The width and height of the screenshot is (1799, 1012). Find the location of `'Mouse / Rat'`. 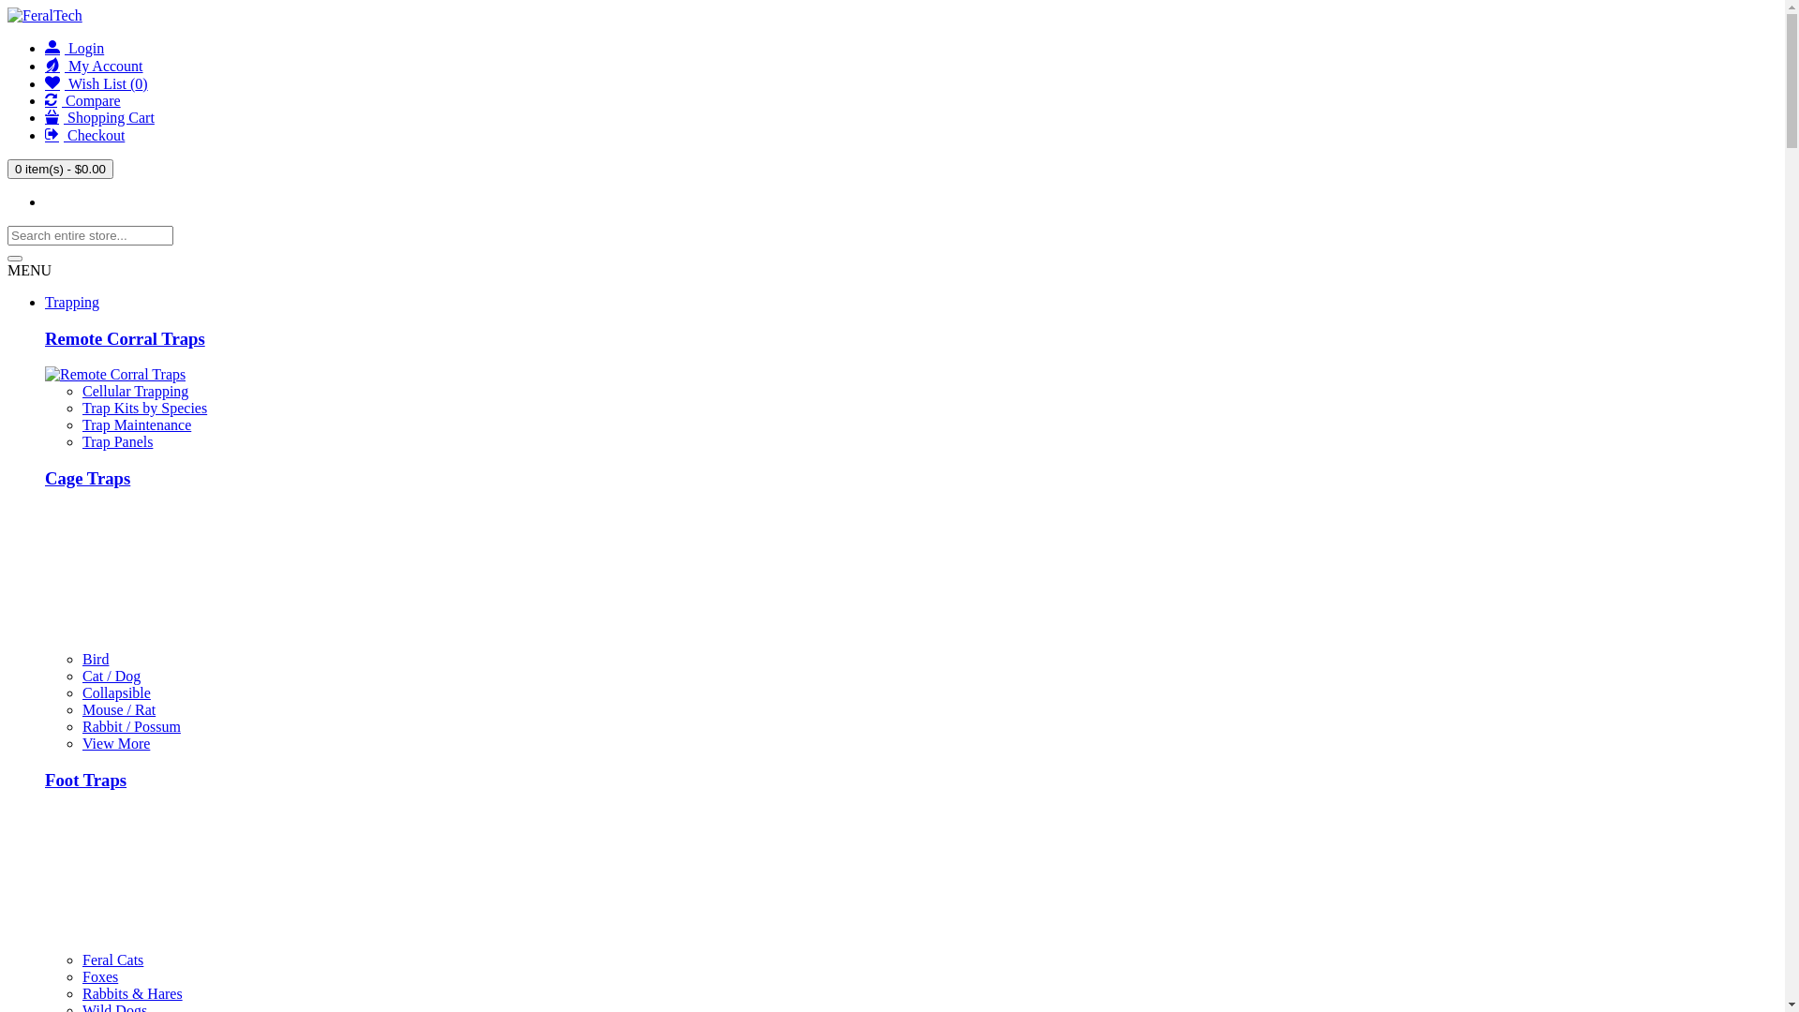

'Mouse / Rat' is located at coordinates (117, 709).